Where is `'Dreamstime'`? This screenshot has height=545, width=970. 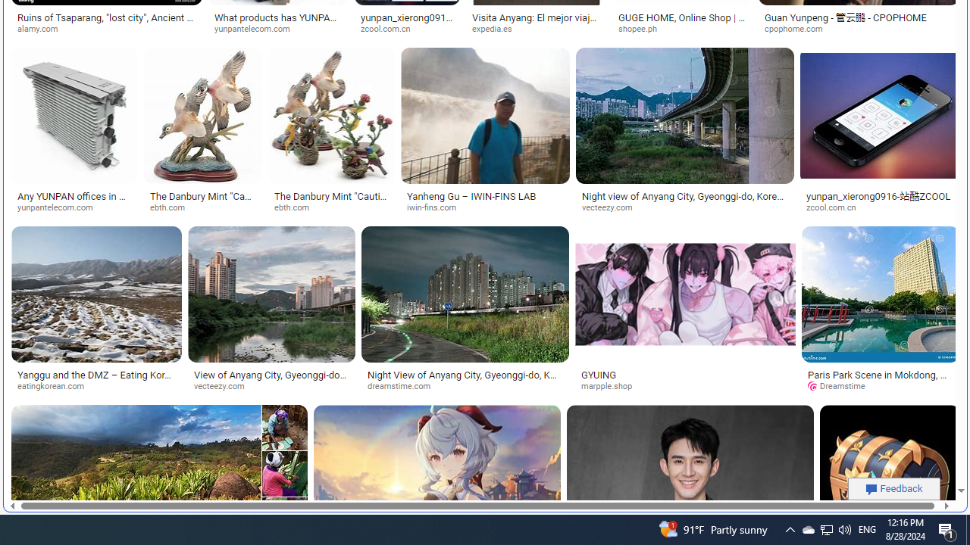
'Dreamstime' is located at coordinates (841, 385).